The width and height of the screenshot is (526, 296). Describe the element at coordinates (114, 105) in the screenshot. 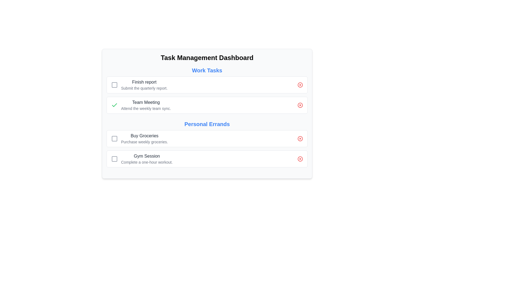

I see `the Checkbox or Confirmation Icon` at that location.